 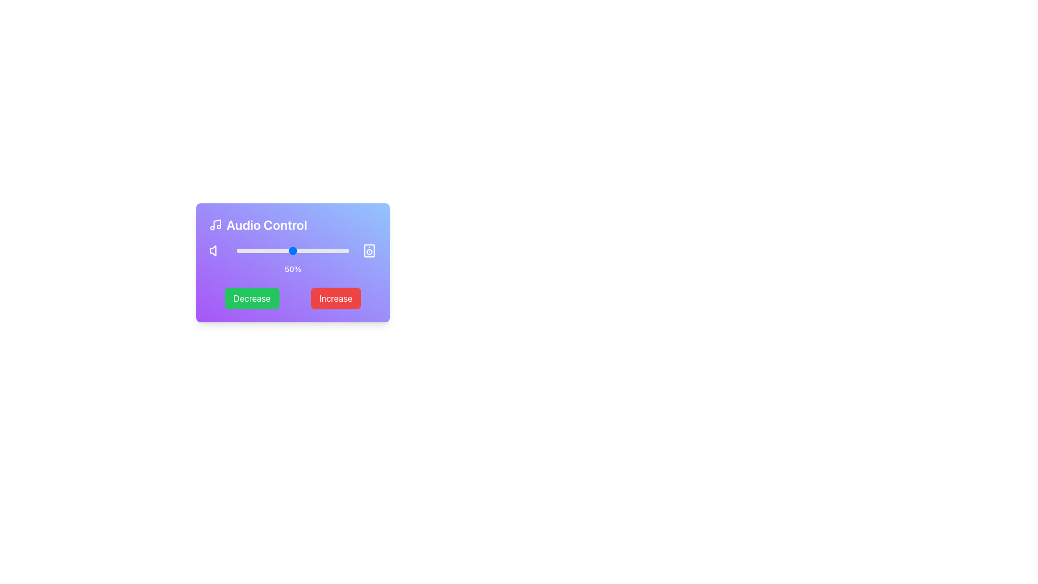 I want to click on volume, so click(x=344, y=250).